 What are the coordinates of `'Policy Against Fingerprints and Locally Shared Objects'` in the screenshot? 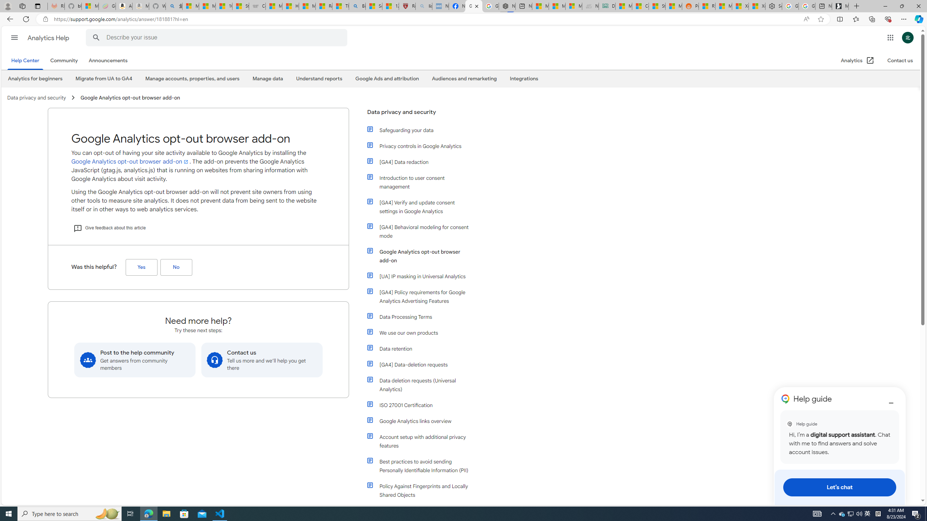 It's located at (423, 490).